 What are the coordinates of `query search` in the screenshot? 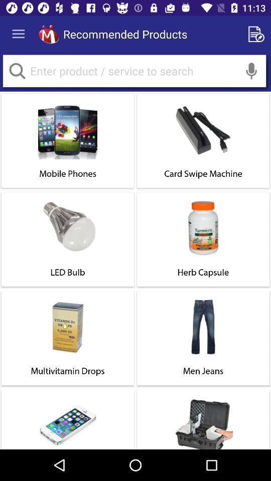 It's located at (134, 70).